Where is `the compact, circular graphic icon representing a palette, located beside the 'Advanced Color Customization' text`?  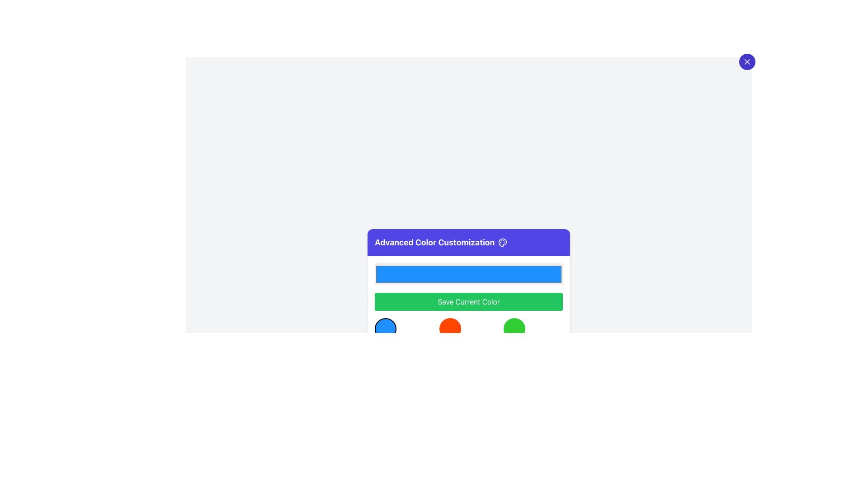
the compact, circular graphic icon representing a palette, located beside the 'Advanced Color Customization' text is located at coordinates (502, 242).